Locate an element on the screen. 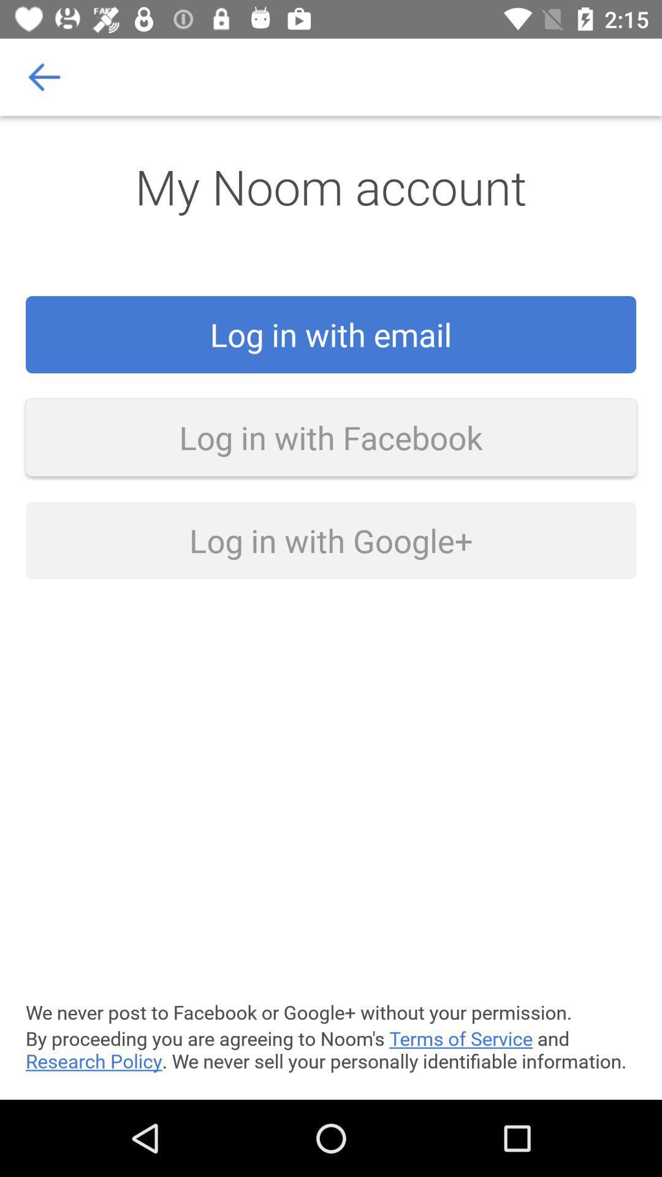 The width and height of the screenshot is (662, 1177). icon above the log in with is located at coordinates (44, 76).